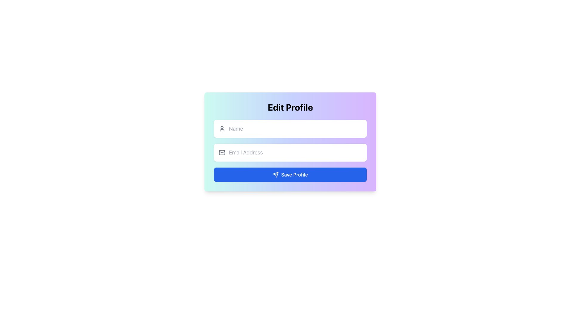  I want to click on the save button containing the blue arrow icon, which is part of the 'Save Profile' label at the bottom of the component, so click(275, 174).